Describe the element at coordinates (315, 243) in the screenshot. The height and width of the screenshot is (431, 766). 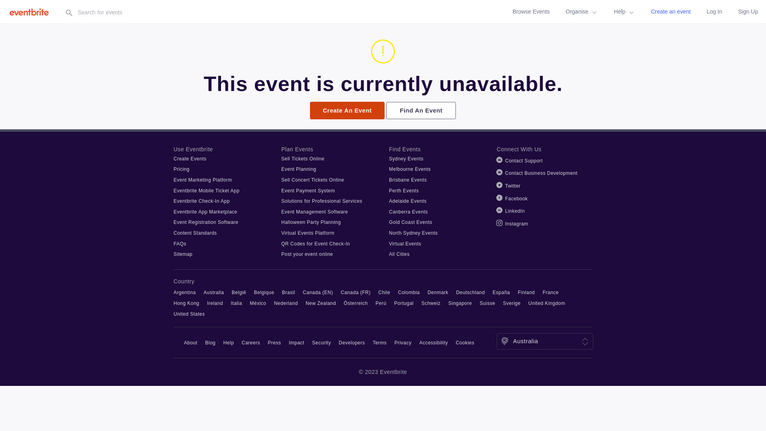
I see `'QR Codes for Event Check-In'` at that location.